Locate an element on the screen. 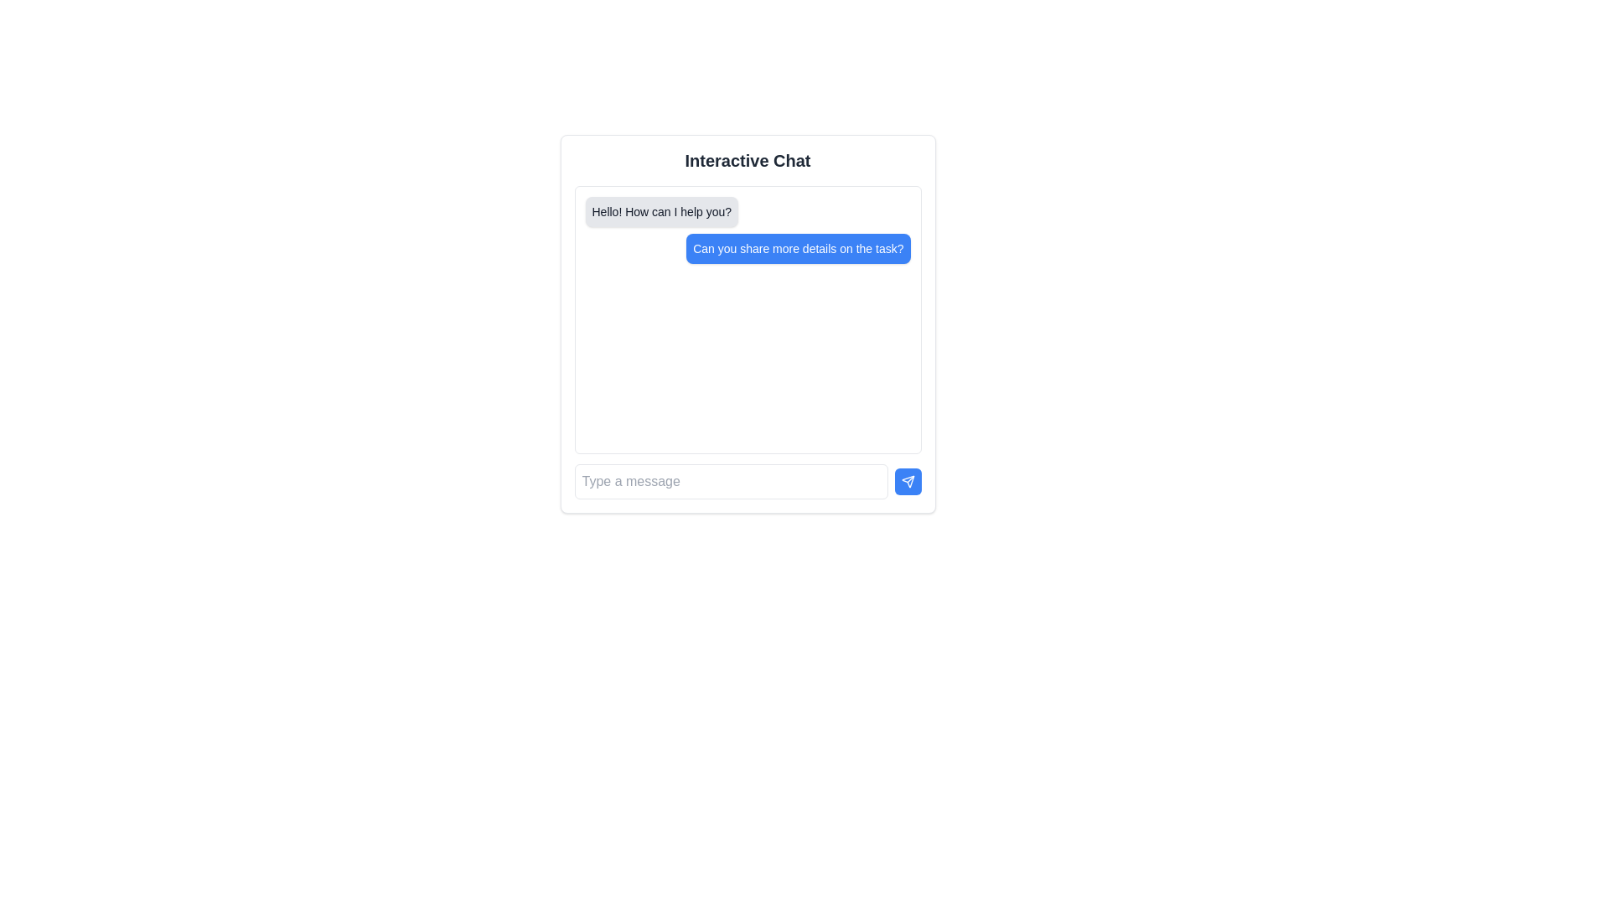 Image resolution: width=1609 pixels, height=905 pixels. the text bubble containing the message 'Hello! How can I help you?' which has a light gray background and dark gray text is located at coordinates (660, 211).